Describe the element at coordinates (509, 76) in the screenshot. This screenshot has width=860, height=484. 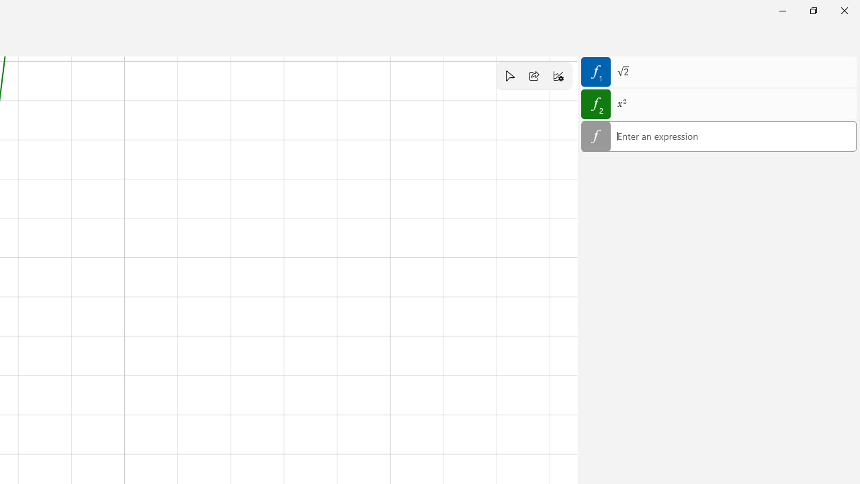
I see `'Start tracing'` at that location.